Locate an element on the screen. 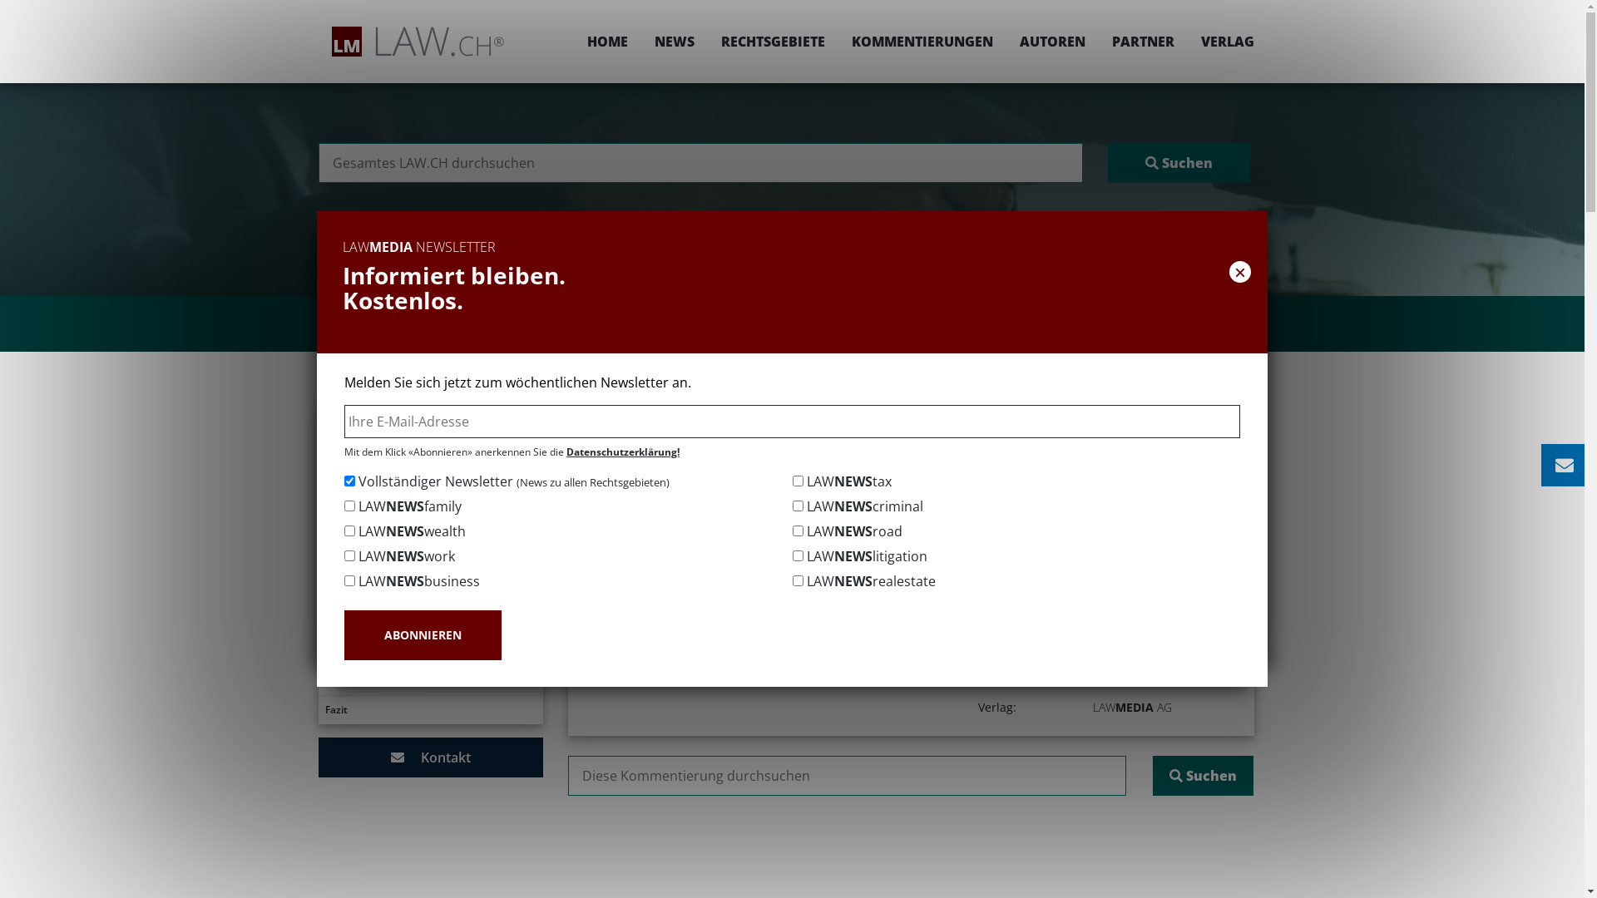 The image size is (1597, 898). 'VERLAG' is located at coordinates (1221, 41).